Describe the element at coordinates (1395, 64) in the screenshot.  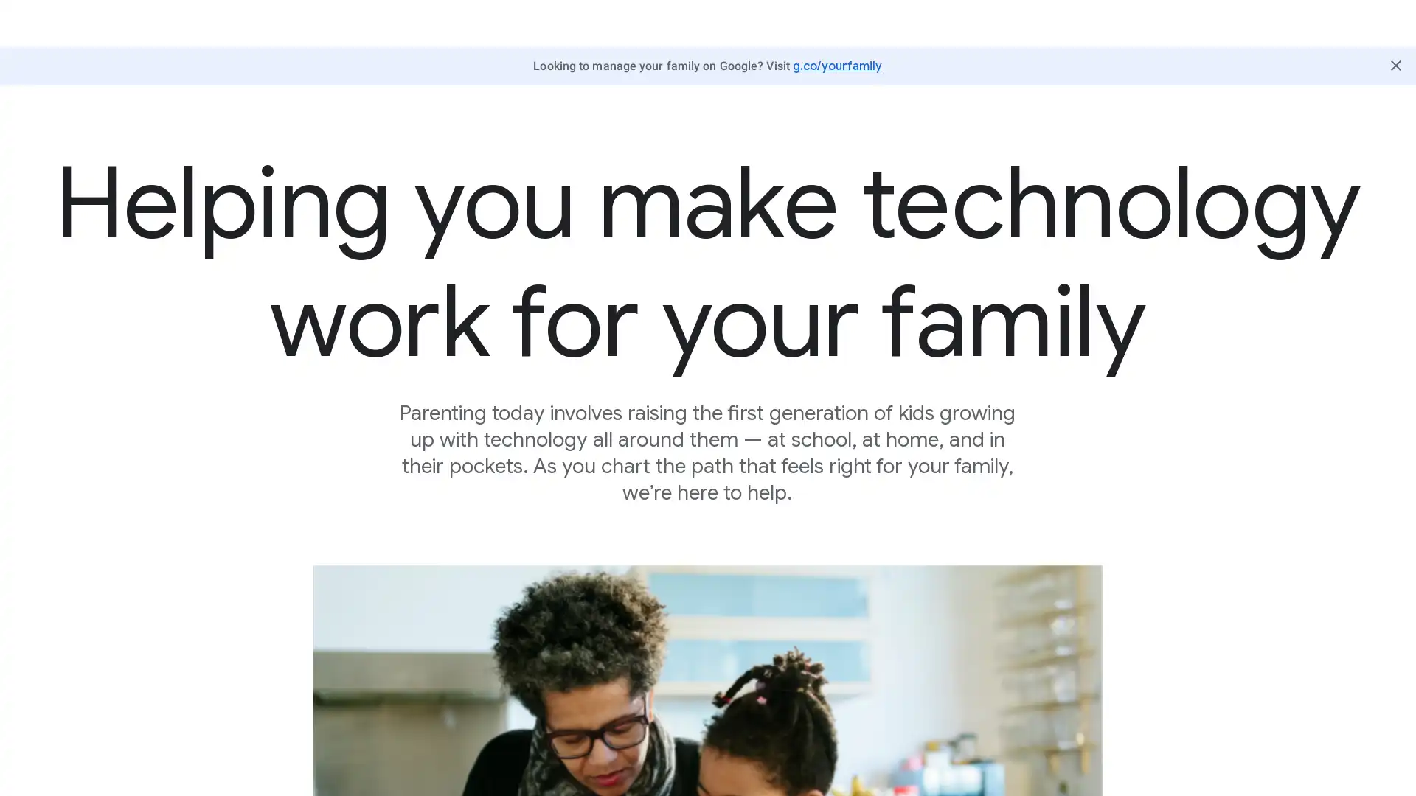
I see `Close Butter Bar` at that location.